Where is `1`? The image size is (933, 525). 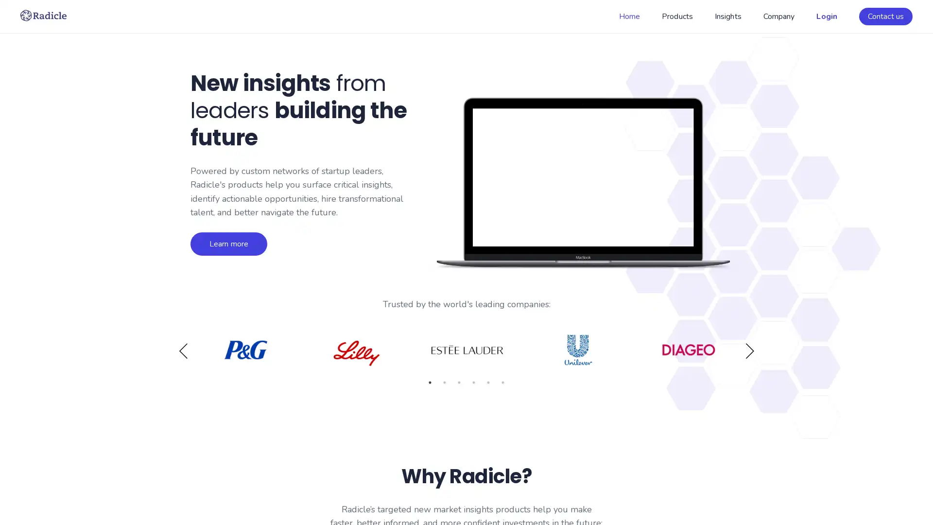 1 is located at coordinates (429, 382).